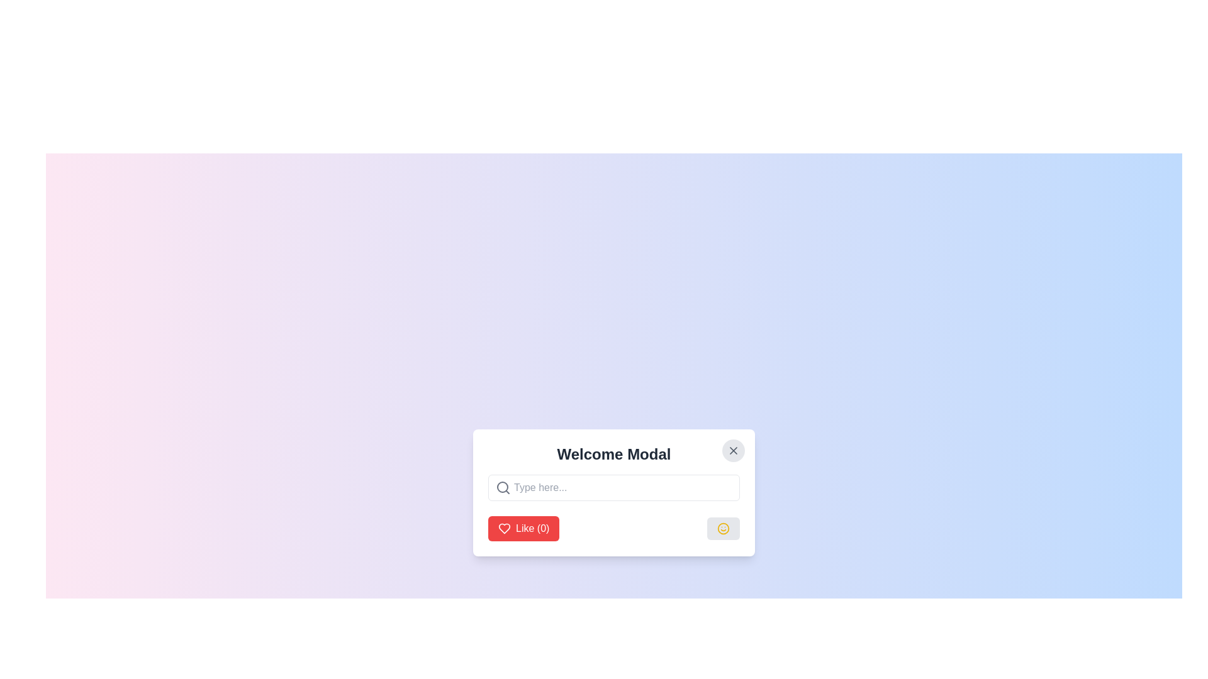 Image resolution: width=1208 pixels, height=679 pixels. I want to click on the 'Like (0)' button with a red background and white text to change its background color, so click(523, 528).